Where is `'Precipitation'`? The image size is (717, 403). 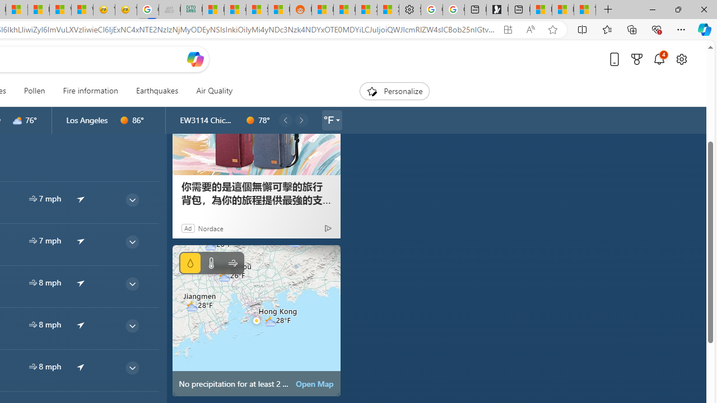 'Precipitation' is located at coordinates (190, 263).